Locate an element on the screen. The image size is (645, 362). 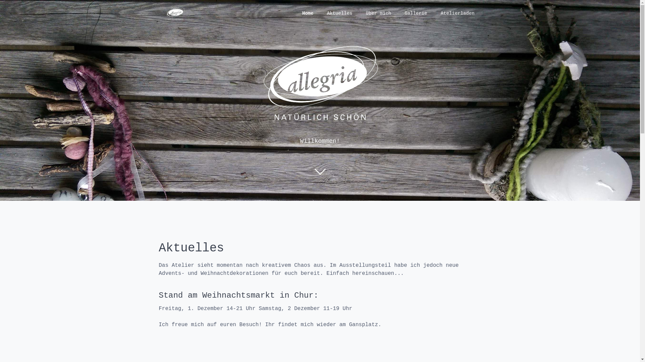
'Atelierladen' is located at coordinates (457, 13).